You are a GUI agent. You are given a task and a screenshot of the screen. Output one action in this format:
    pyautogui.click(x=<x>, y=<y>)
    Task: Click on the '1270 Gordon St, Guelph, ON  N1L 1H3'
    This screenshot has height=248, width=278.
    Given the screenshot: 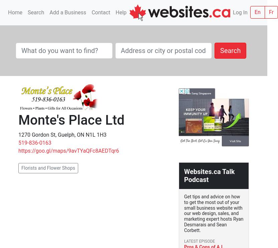 What is the action you would take?
    pyautogui.click(x=62, y=134)
    